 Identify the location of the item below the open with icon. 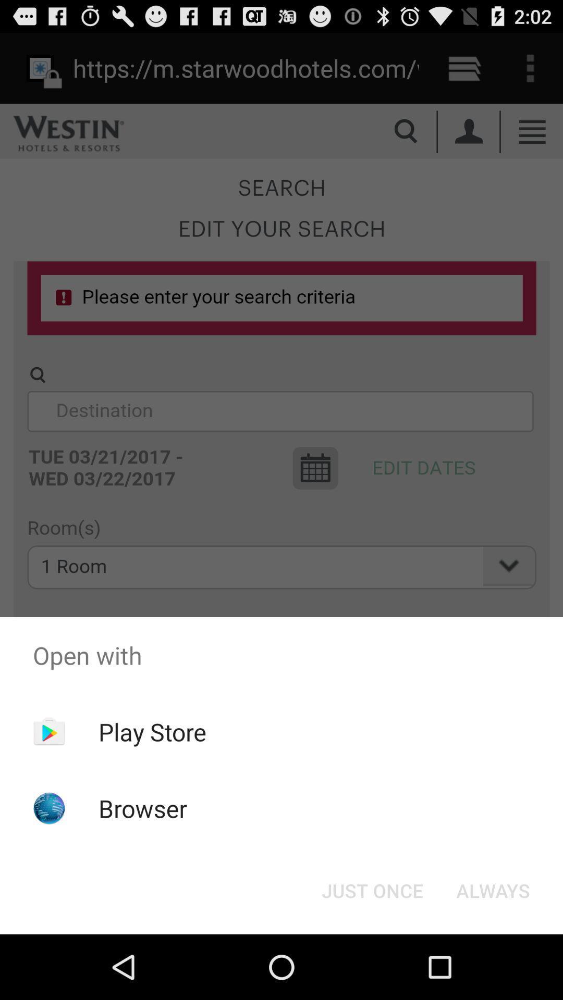
(493, 890).